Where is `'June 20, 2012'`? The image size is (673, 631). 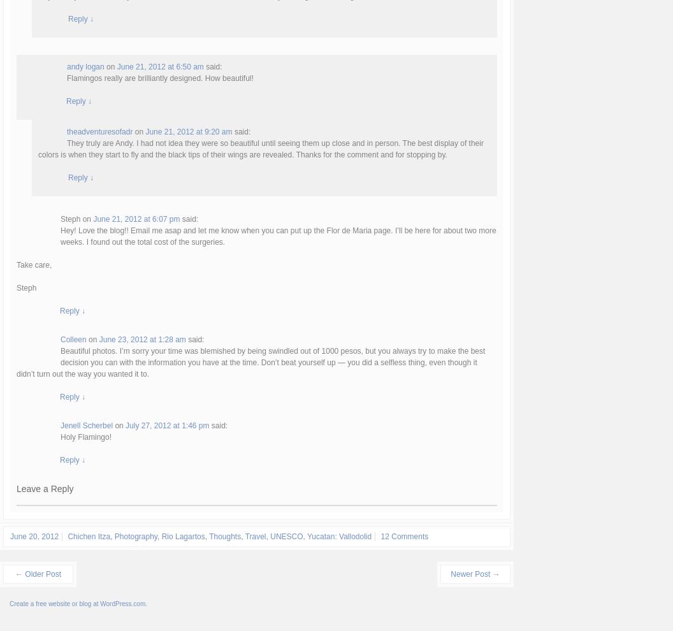 'June 20, 2012' is located at coordinates (34, 535).